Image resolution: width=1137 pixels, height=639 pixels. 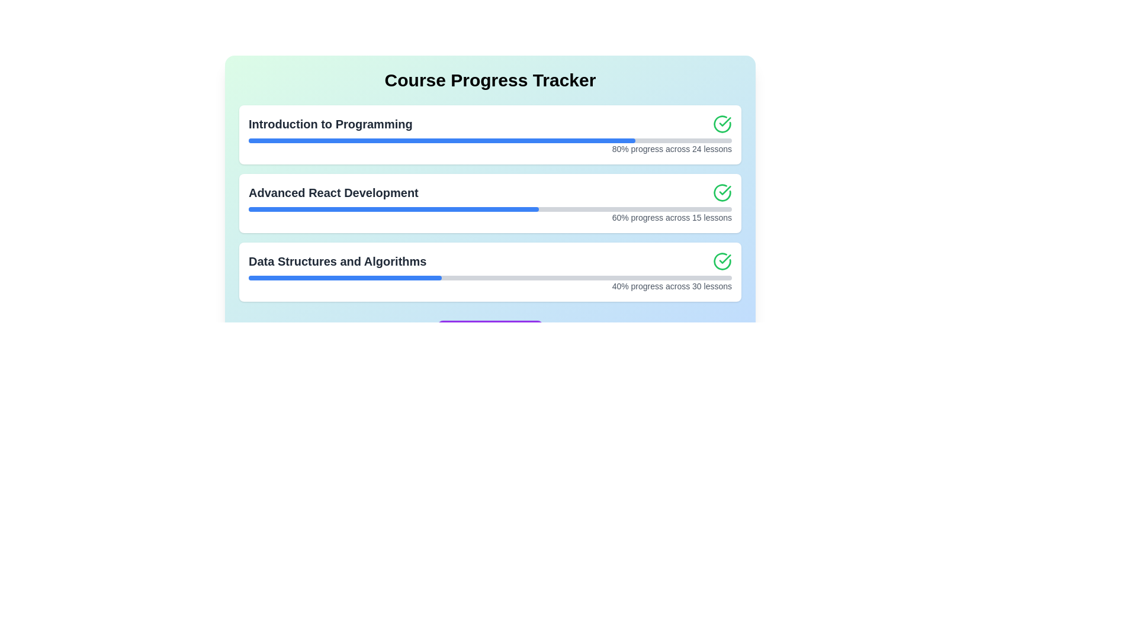 What do you see at coordinates (721, 124) in the screenshot?
I see `the circular icon with a green check mark, which indicates a completed task, located at the far-right end of the row containing the text 'Introduction to Programming'` at bounding box center [721, 124].